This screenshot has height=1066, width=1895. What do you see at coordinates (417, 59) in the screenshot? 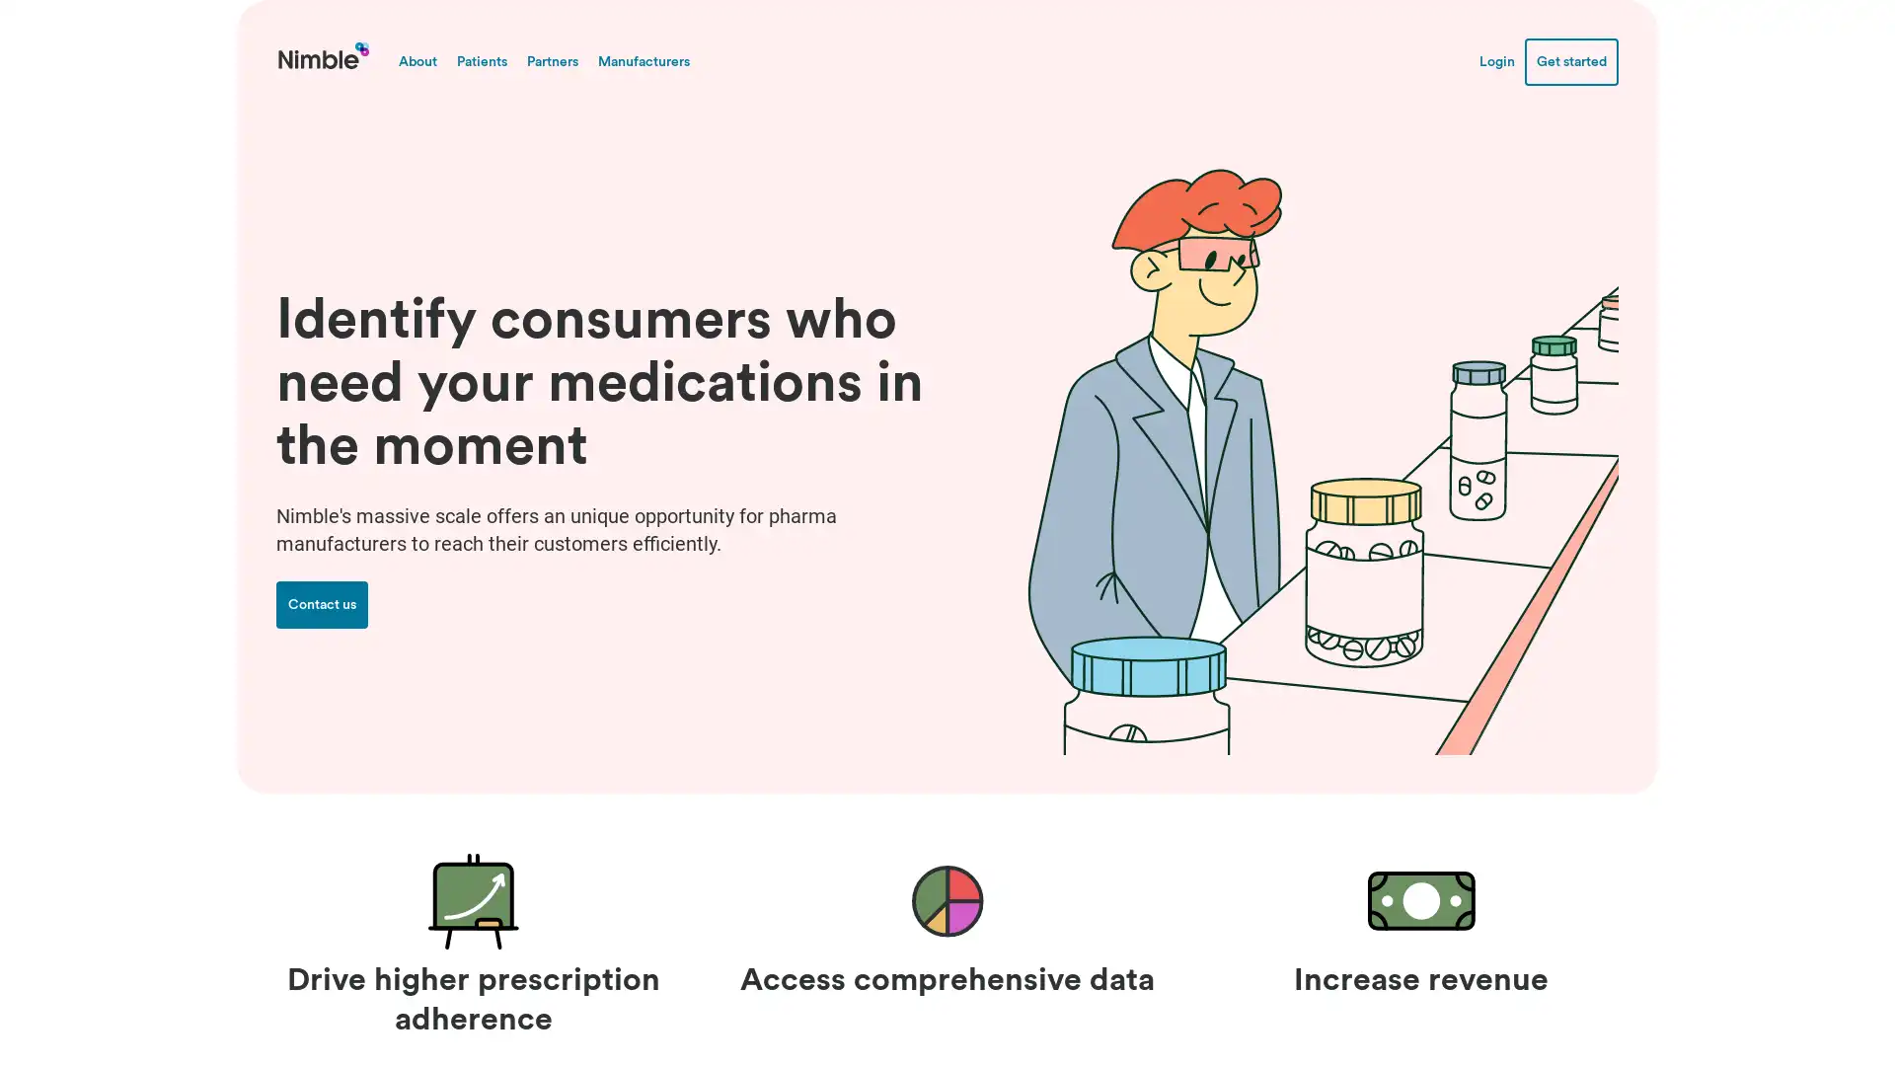
I see `About` at bounding box center [417, 59].